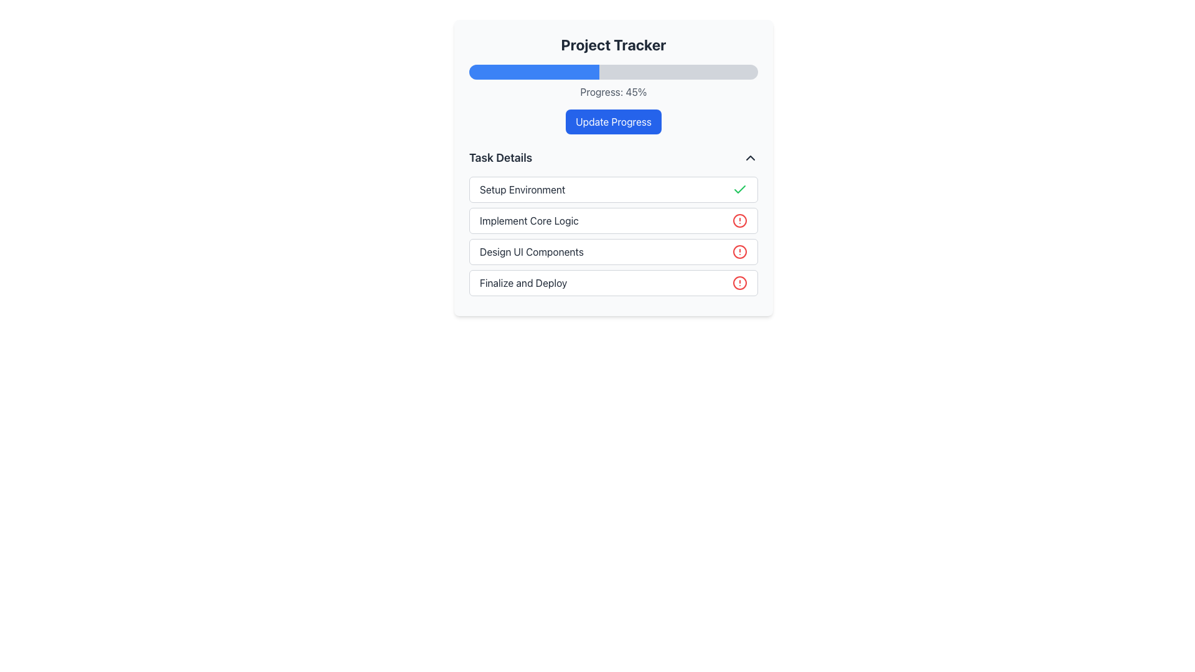 This screenshot has height=672, width=1195. What do you see at coordinates (740, 283) in the screenshot?
I see `the Circular Alert Icon located at the far right of the 'Finalize and Deploy' row in the 'Task Details' section` at bounding box center [740, 283].